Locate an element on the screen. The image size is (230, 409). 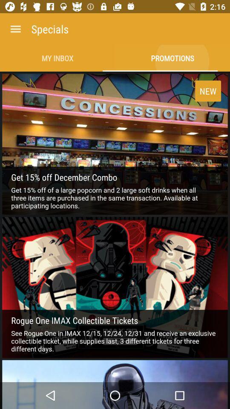
item to the left of specials icon is located at coordinates (15, 29).